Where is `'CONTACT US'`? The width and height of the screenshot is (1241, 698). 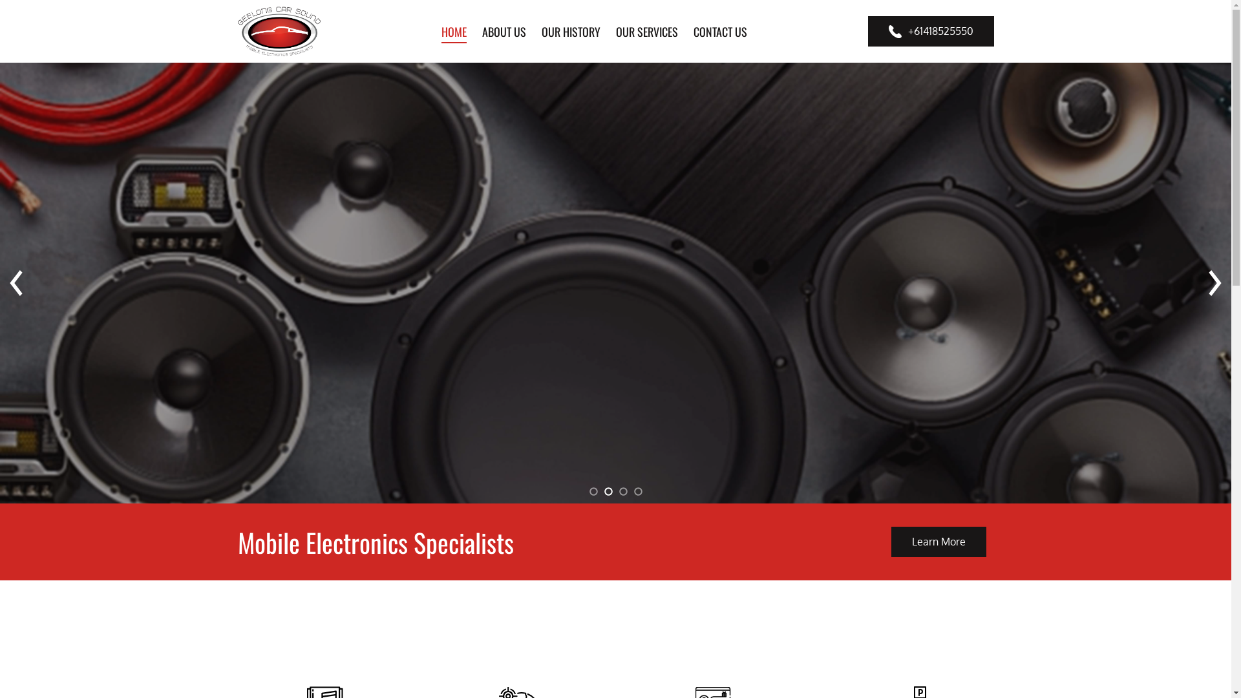
'CONTACT US' is located at coordinates (719, 30).